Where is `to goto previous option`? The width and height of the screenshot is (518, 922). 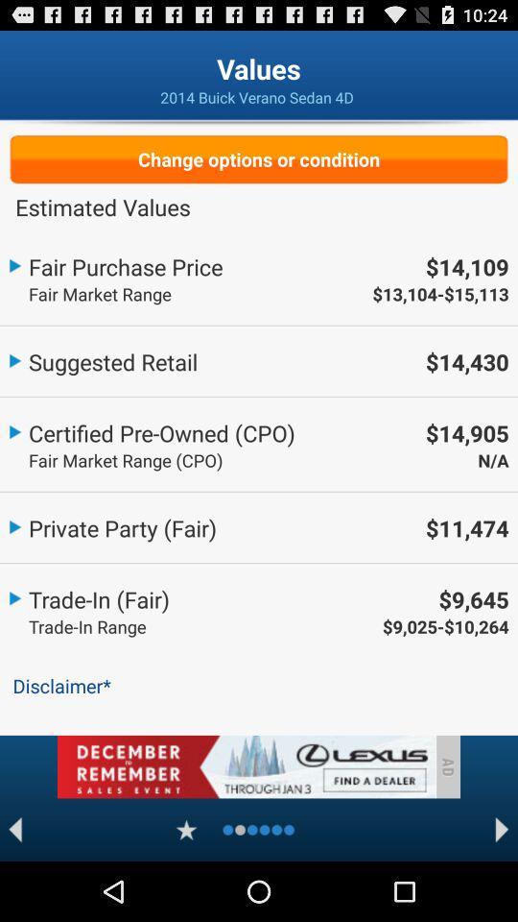
to goto previous option is located at coordinates (14, 829).